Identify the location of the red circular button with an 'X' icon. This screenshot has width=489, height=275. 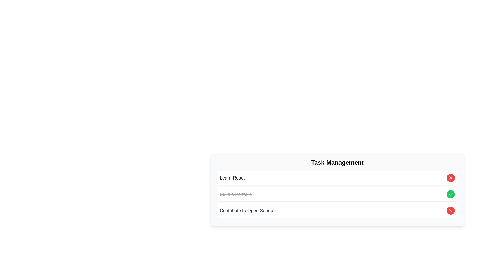
(451, 177).